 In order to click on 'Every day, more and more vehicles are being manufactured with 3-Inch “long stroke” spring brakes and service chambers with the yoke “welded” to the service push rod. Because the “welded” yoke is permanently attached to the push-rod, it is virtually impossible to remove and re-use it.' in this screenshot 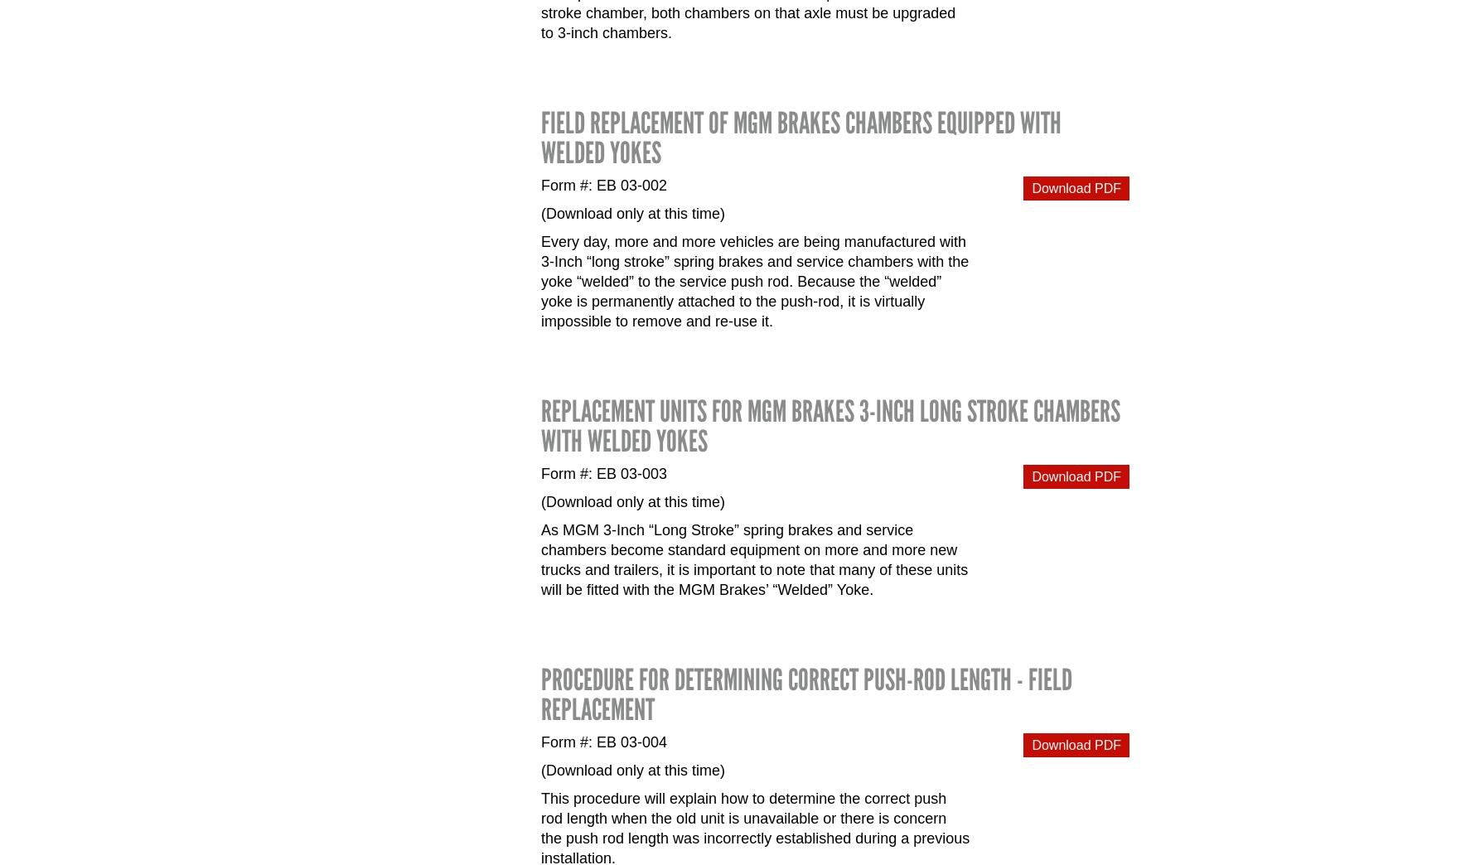, I will do `click(755, 282)`.